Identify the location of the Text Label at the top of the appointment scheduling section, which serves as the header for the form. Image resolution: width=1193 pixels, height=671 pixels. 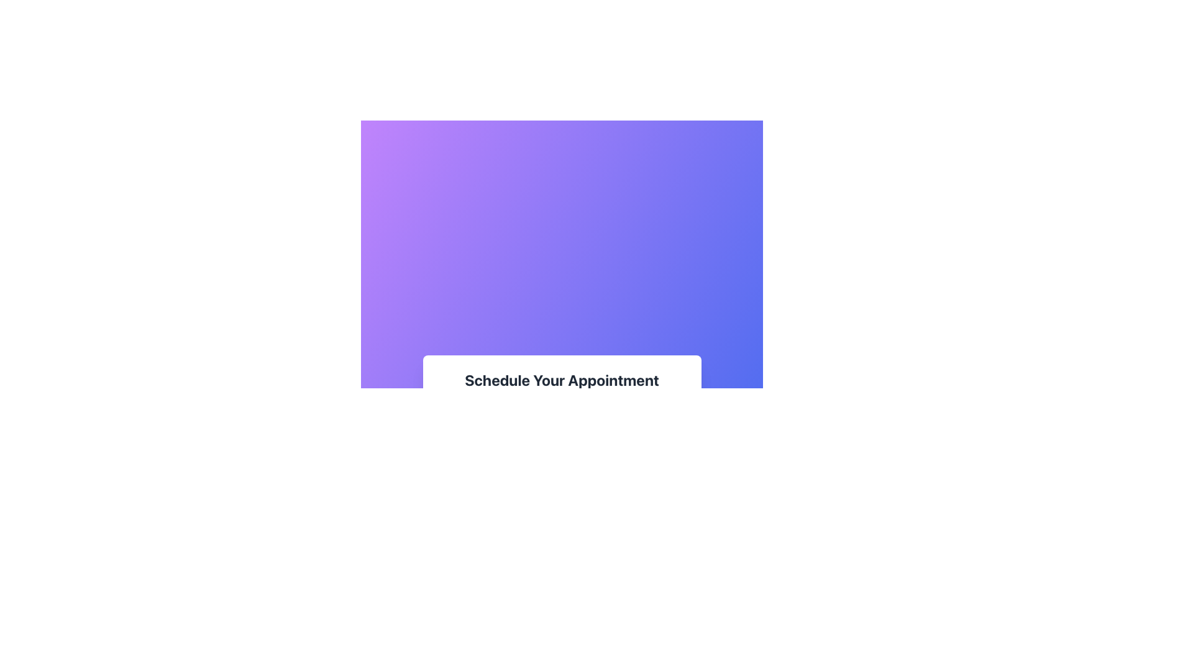
(561, 380).